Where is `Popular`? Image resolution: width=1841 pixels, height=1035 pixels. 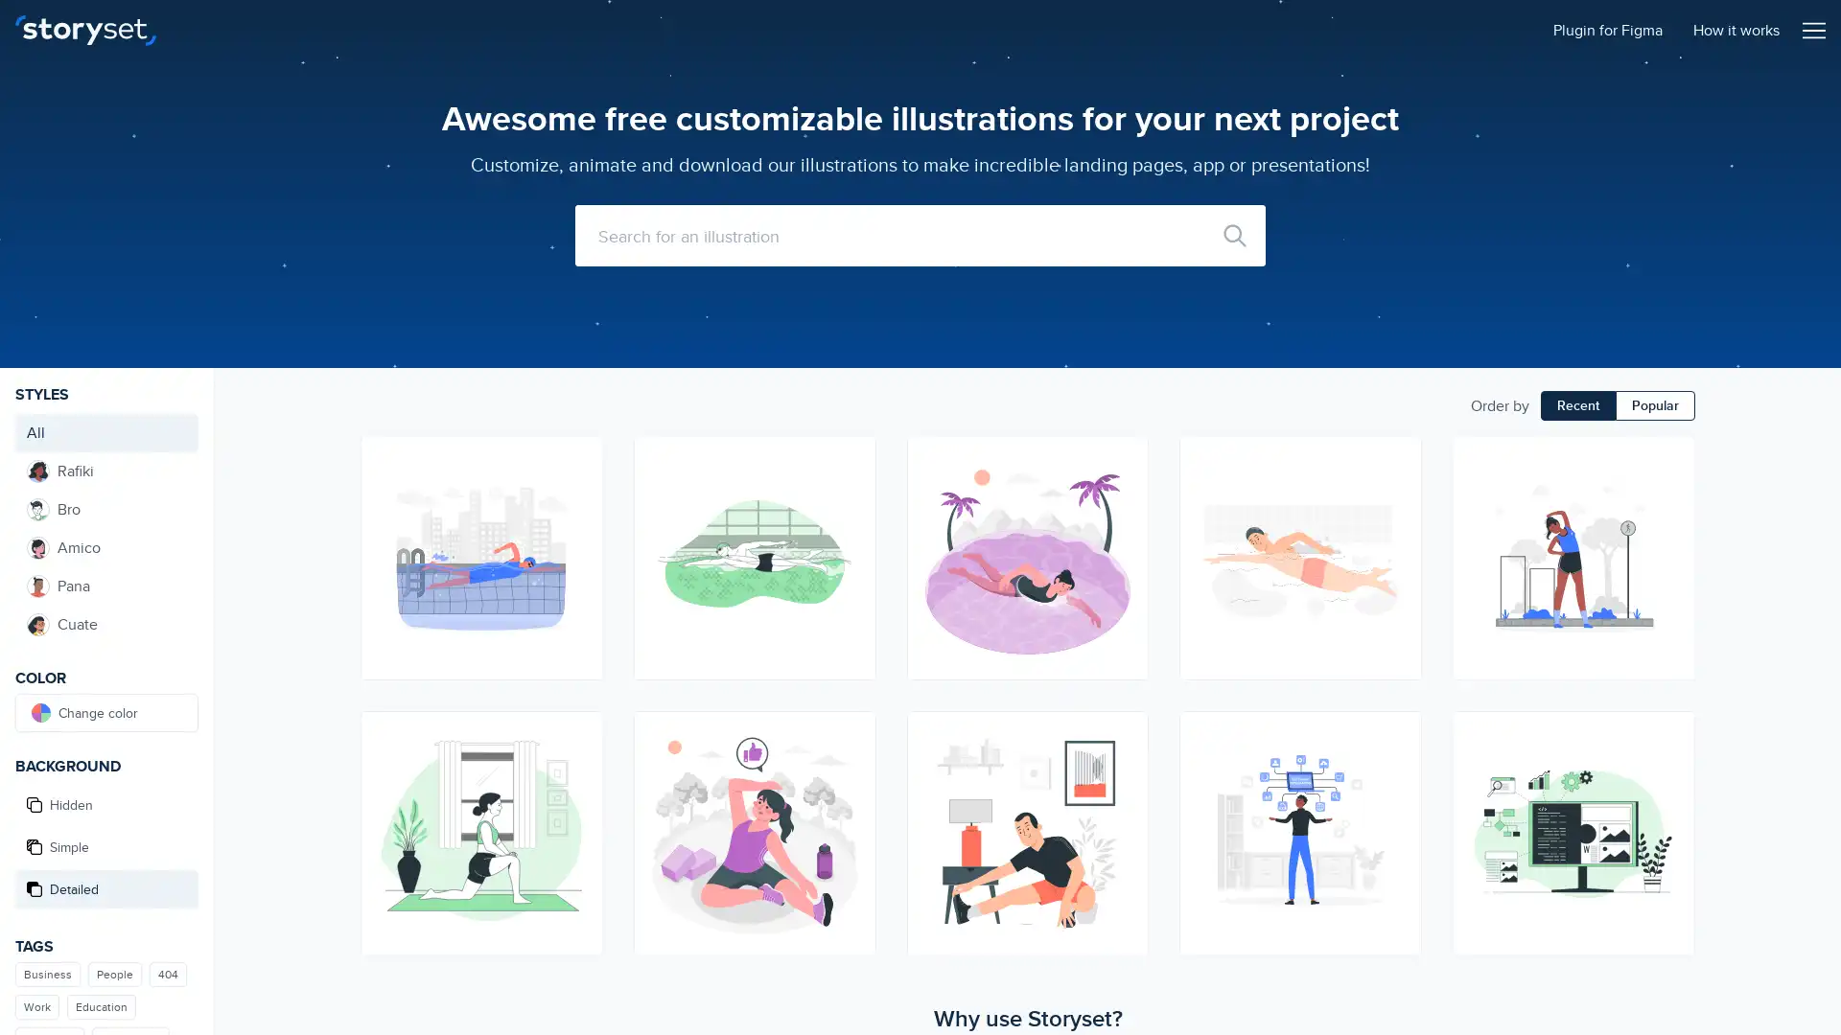 Popular is located at coordinates (1654, 404).